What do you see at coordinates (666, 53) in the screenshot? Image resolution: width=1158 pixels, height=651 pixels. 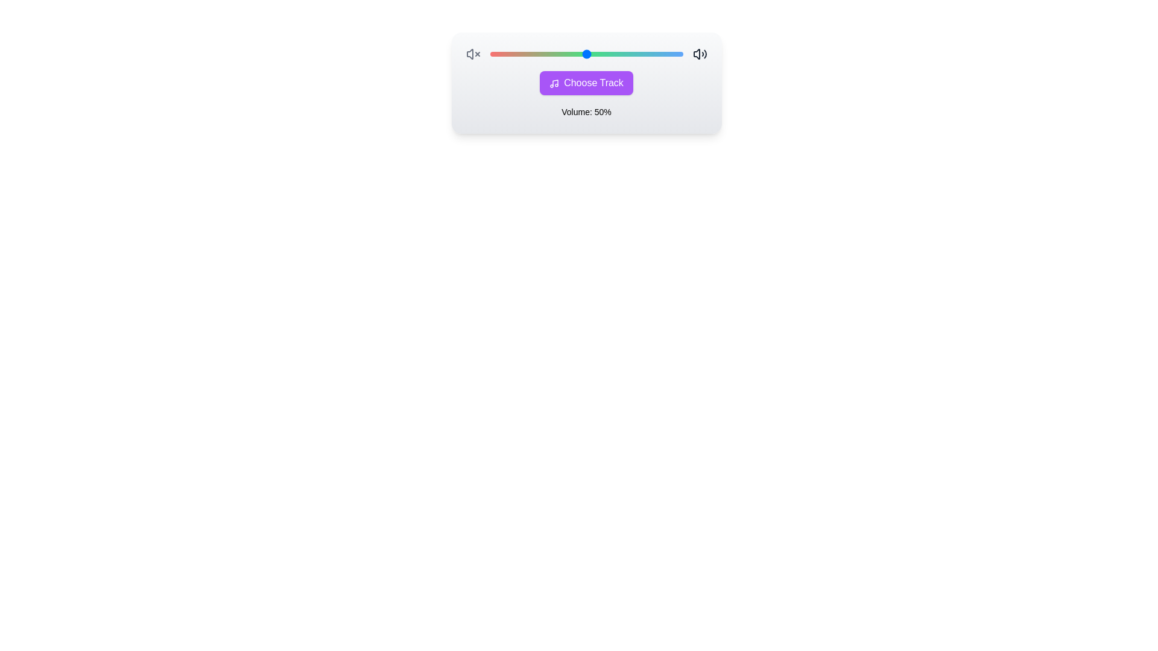 I see `the volume to 92% using the slider` at bounding box center [666, 53].